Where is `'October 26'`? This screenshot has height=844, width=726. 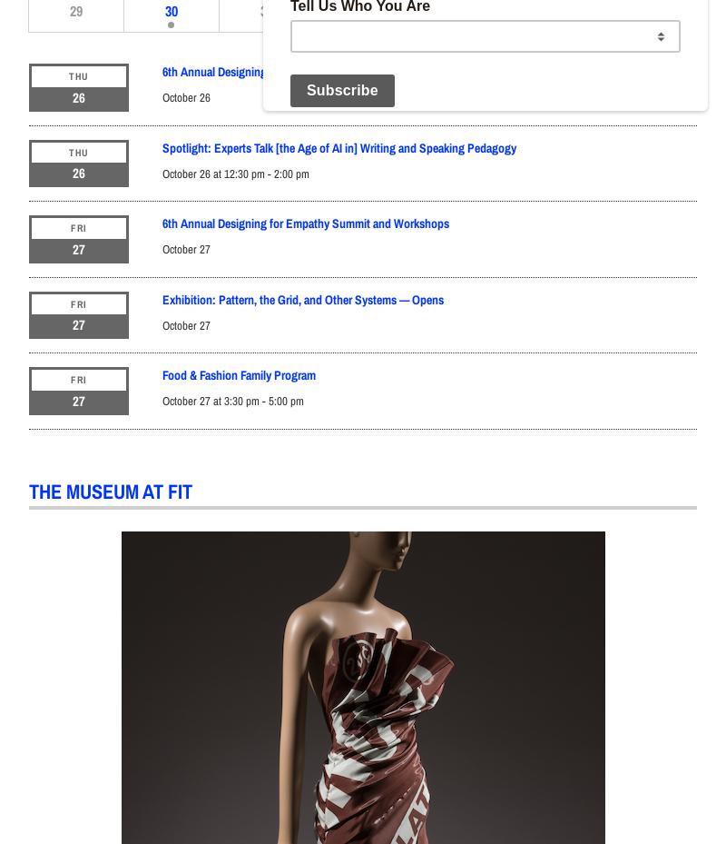 'October 26' is located at coordinates (186, 97).